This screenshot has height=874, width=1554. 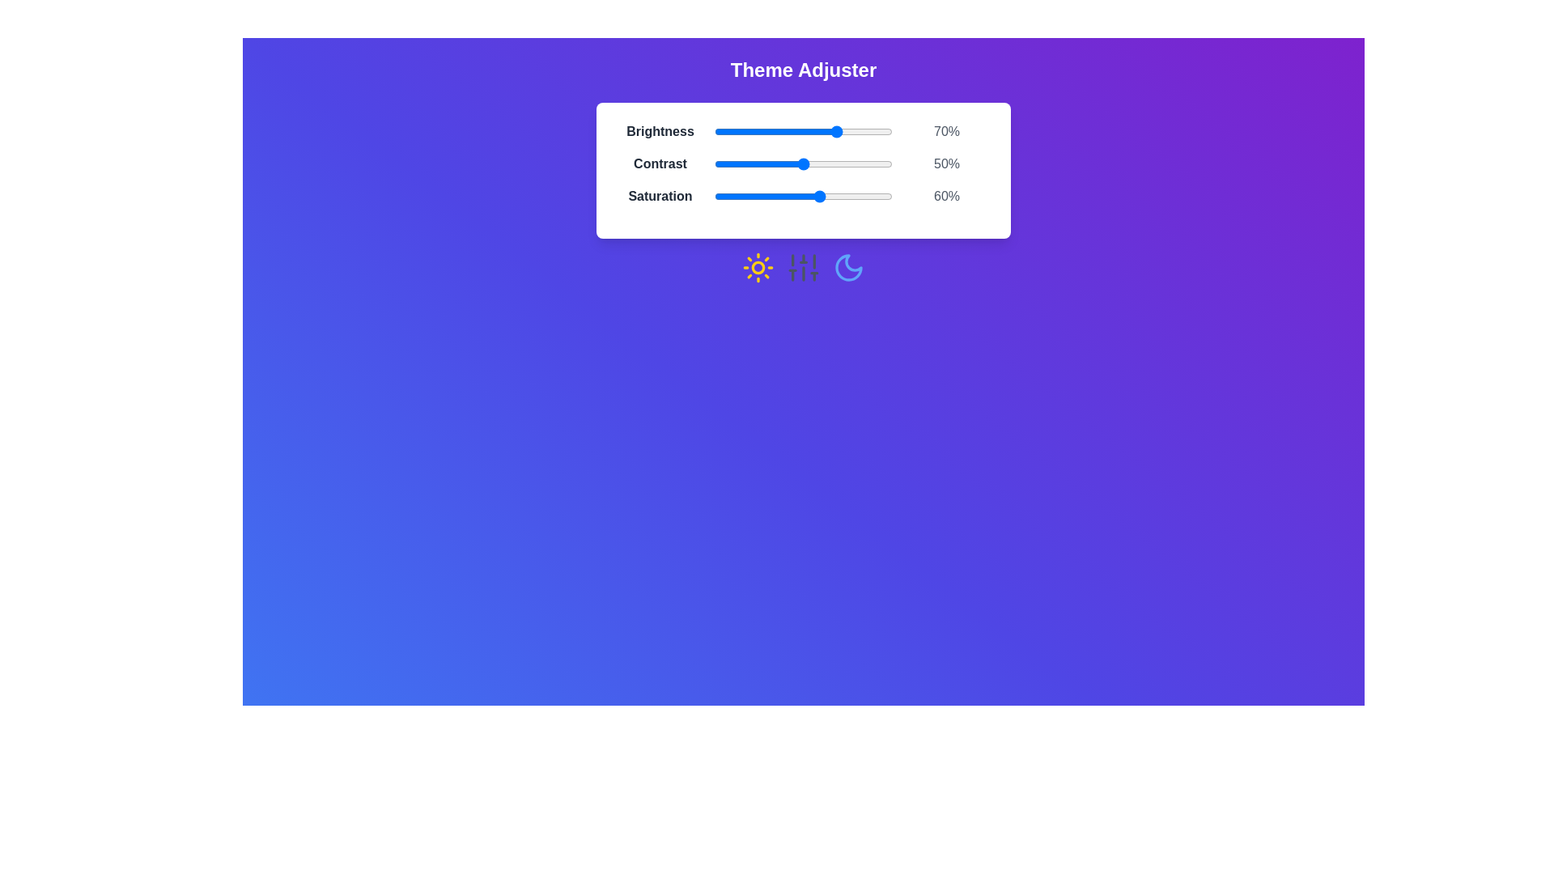 What do you see at coordinates (848, 267) in the screenshot?
I see `the Moon icon` at bounding box center [848, 267].